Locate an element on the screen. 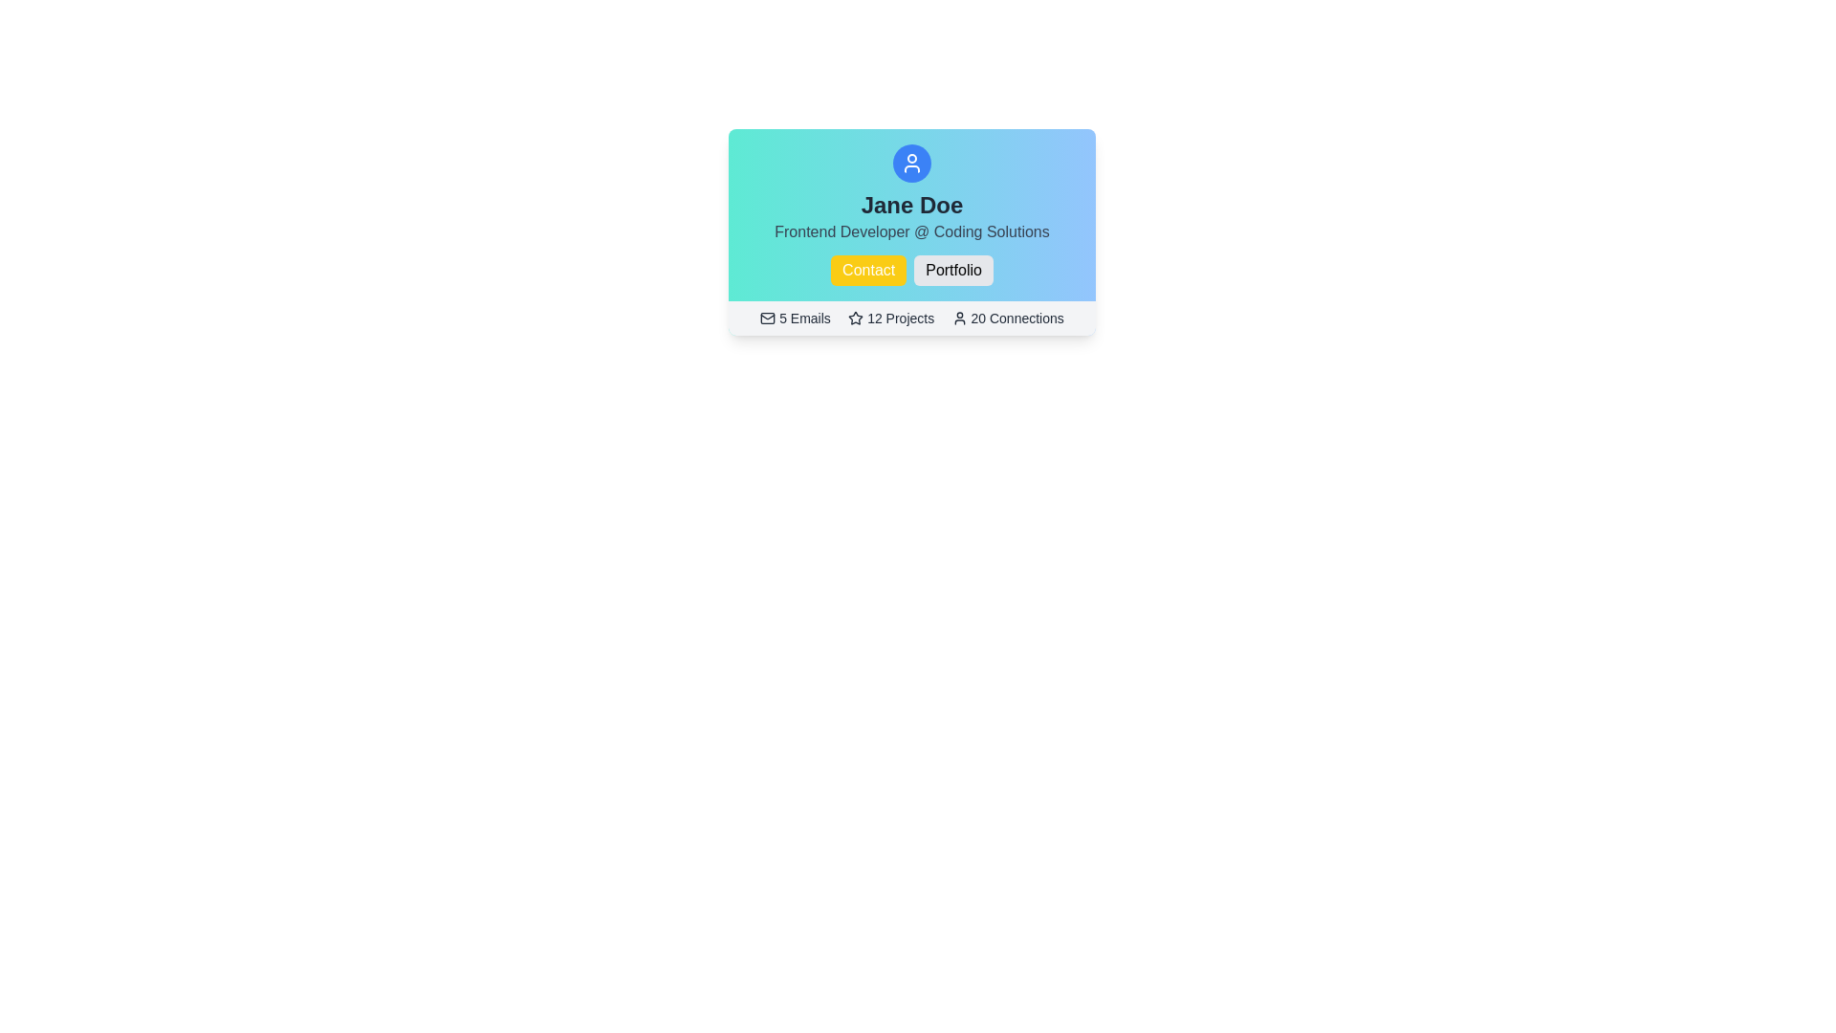 The image size is (1836, 1033). the yellow 'Contact' button with white text, which is the leftmost button in a horizontal layout beneath a name and title section is located at coordinates (866, 270).